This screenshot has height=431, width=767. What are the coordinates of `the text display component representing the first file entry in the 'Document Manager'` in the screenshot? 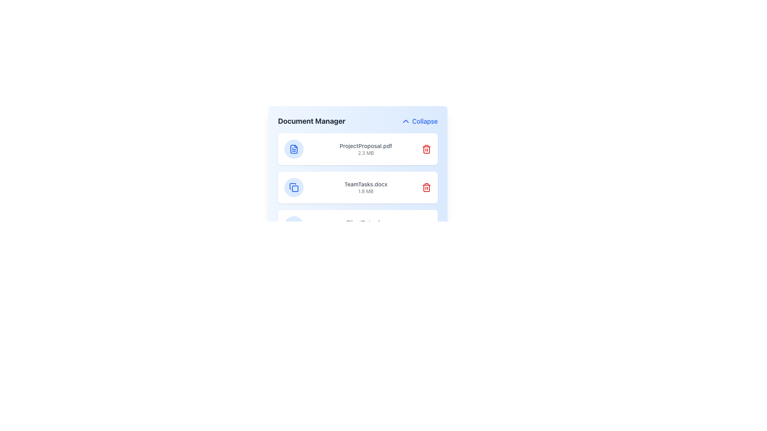 It's located at (366, 149).